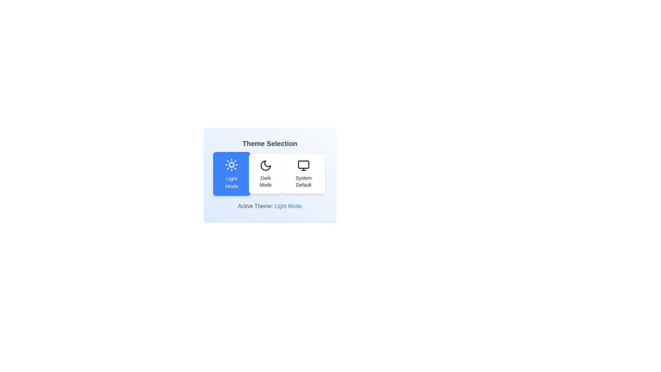  I want to click on the button corresponding to the theme System Default, so click(303, 174).